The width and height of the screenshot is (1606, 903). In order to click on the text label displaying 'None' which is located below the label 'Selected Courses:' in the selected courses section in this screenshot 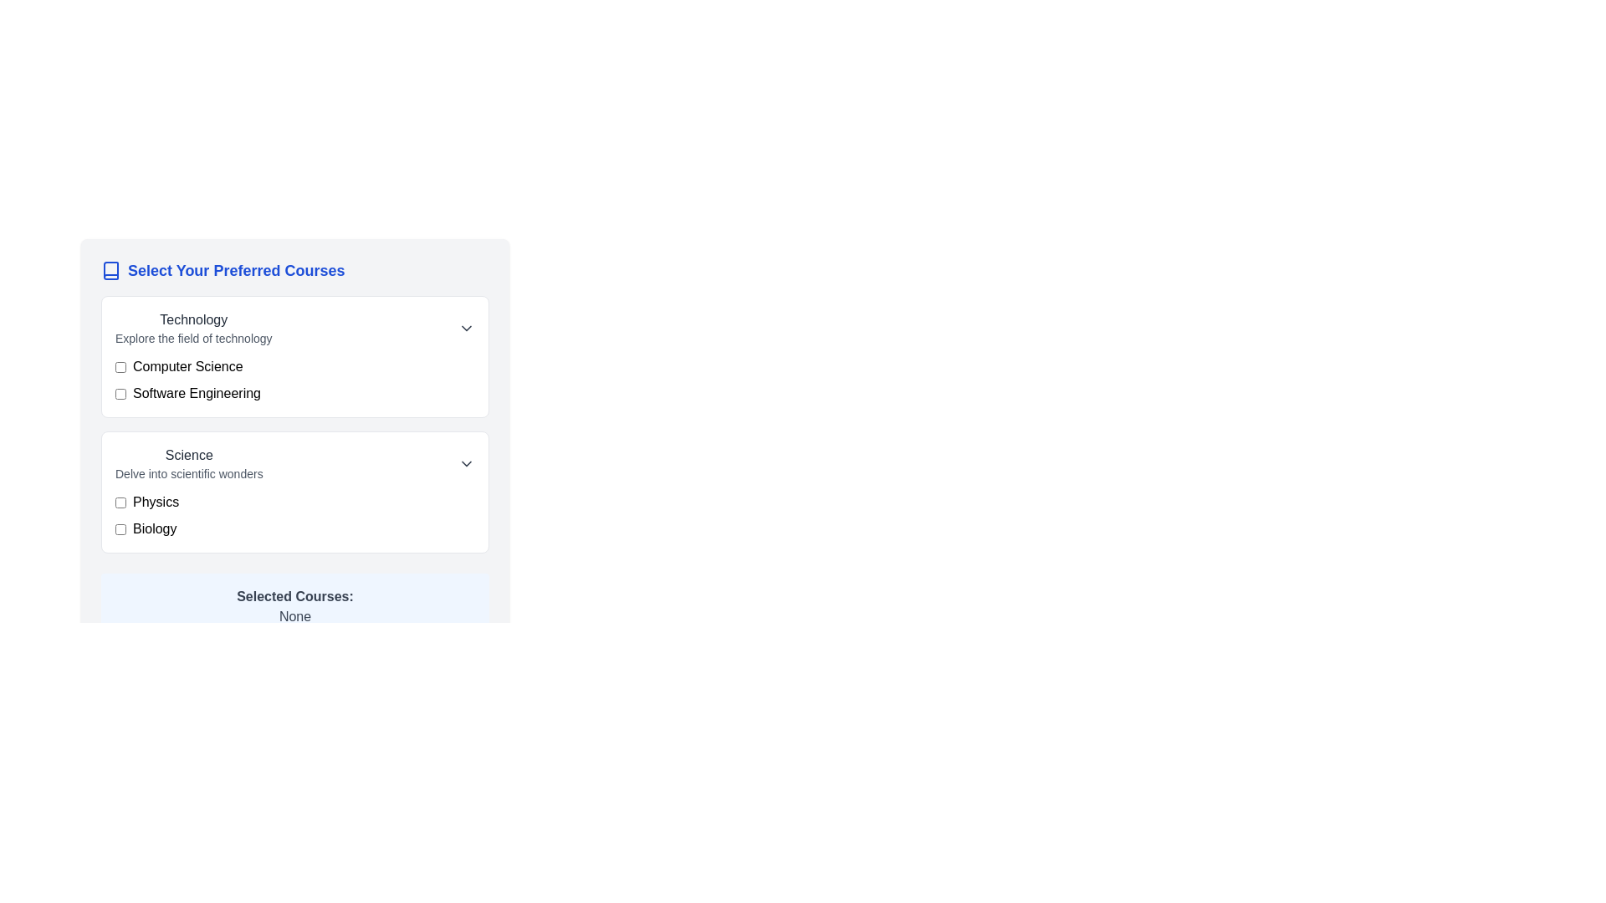, I will do `click(295, 616)`.